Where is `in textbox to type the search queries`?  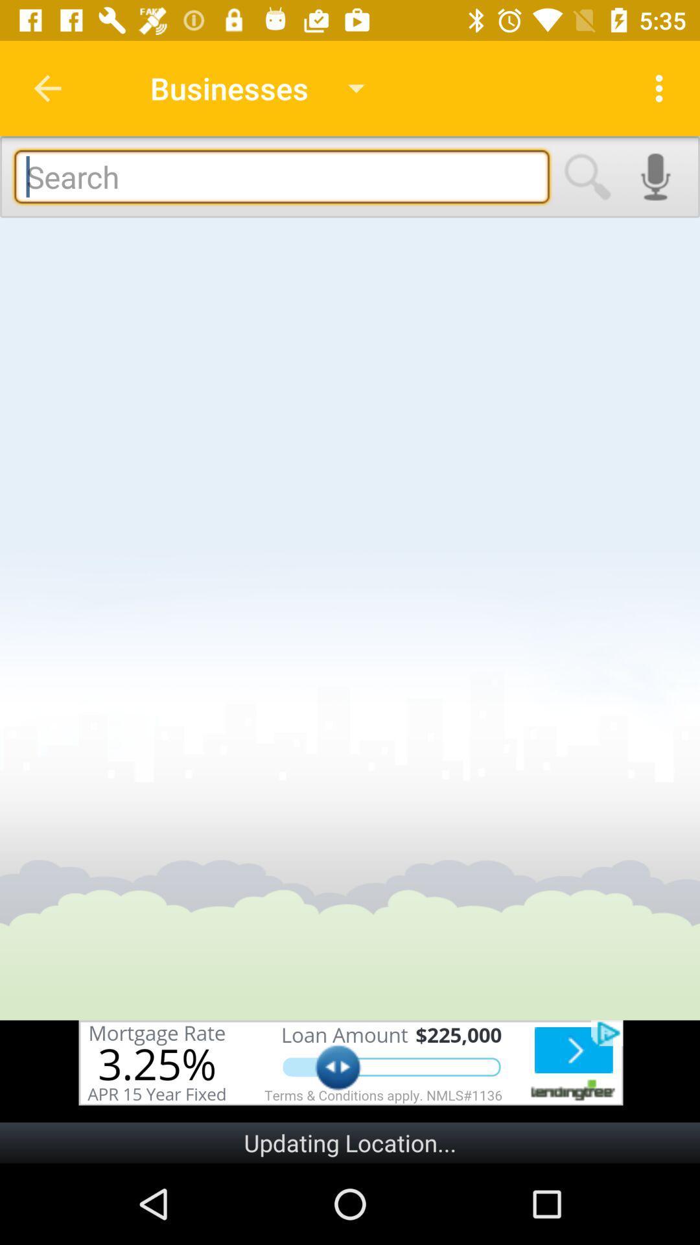 in textbox to type the search queries is located at coordinates (281, 176).